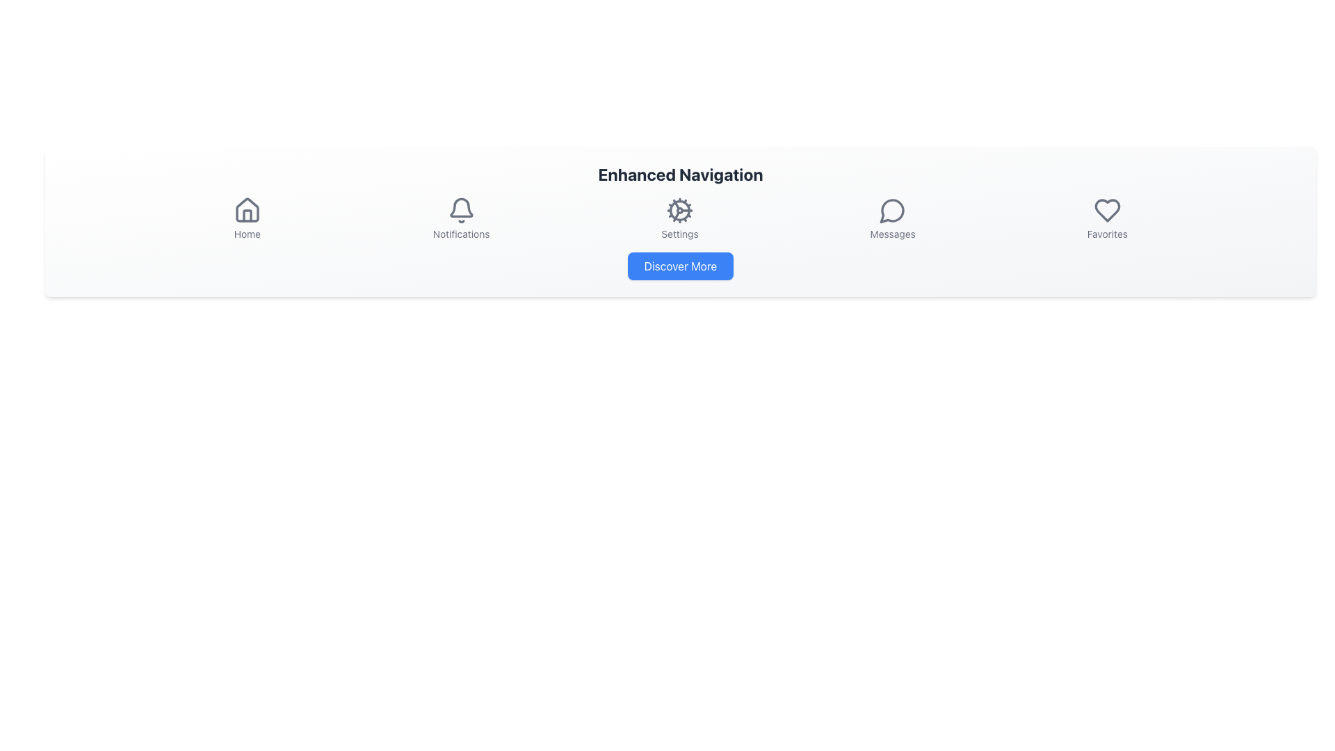 The height and width of the screenshot is (751, 1335). I want to click on the navigation button for 'Messages', located fourth from the left in the horizontal navigation bar, so click(893, 219).